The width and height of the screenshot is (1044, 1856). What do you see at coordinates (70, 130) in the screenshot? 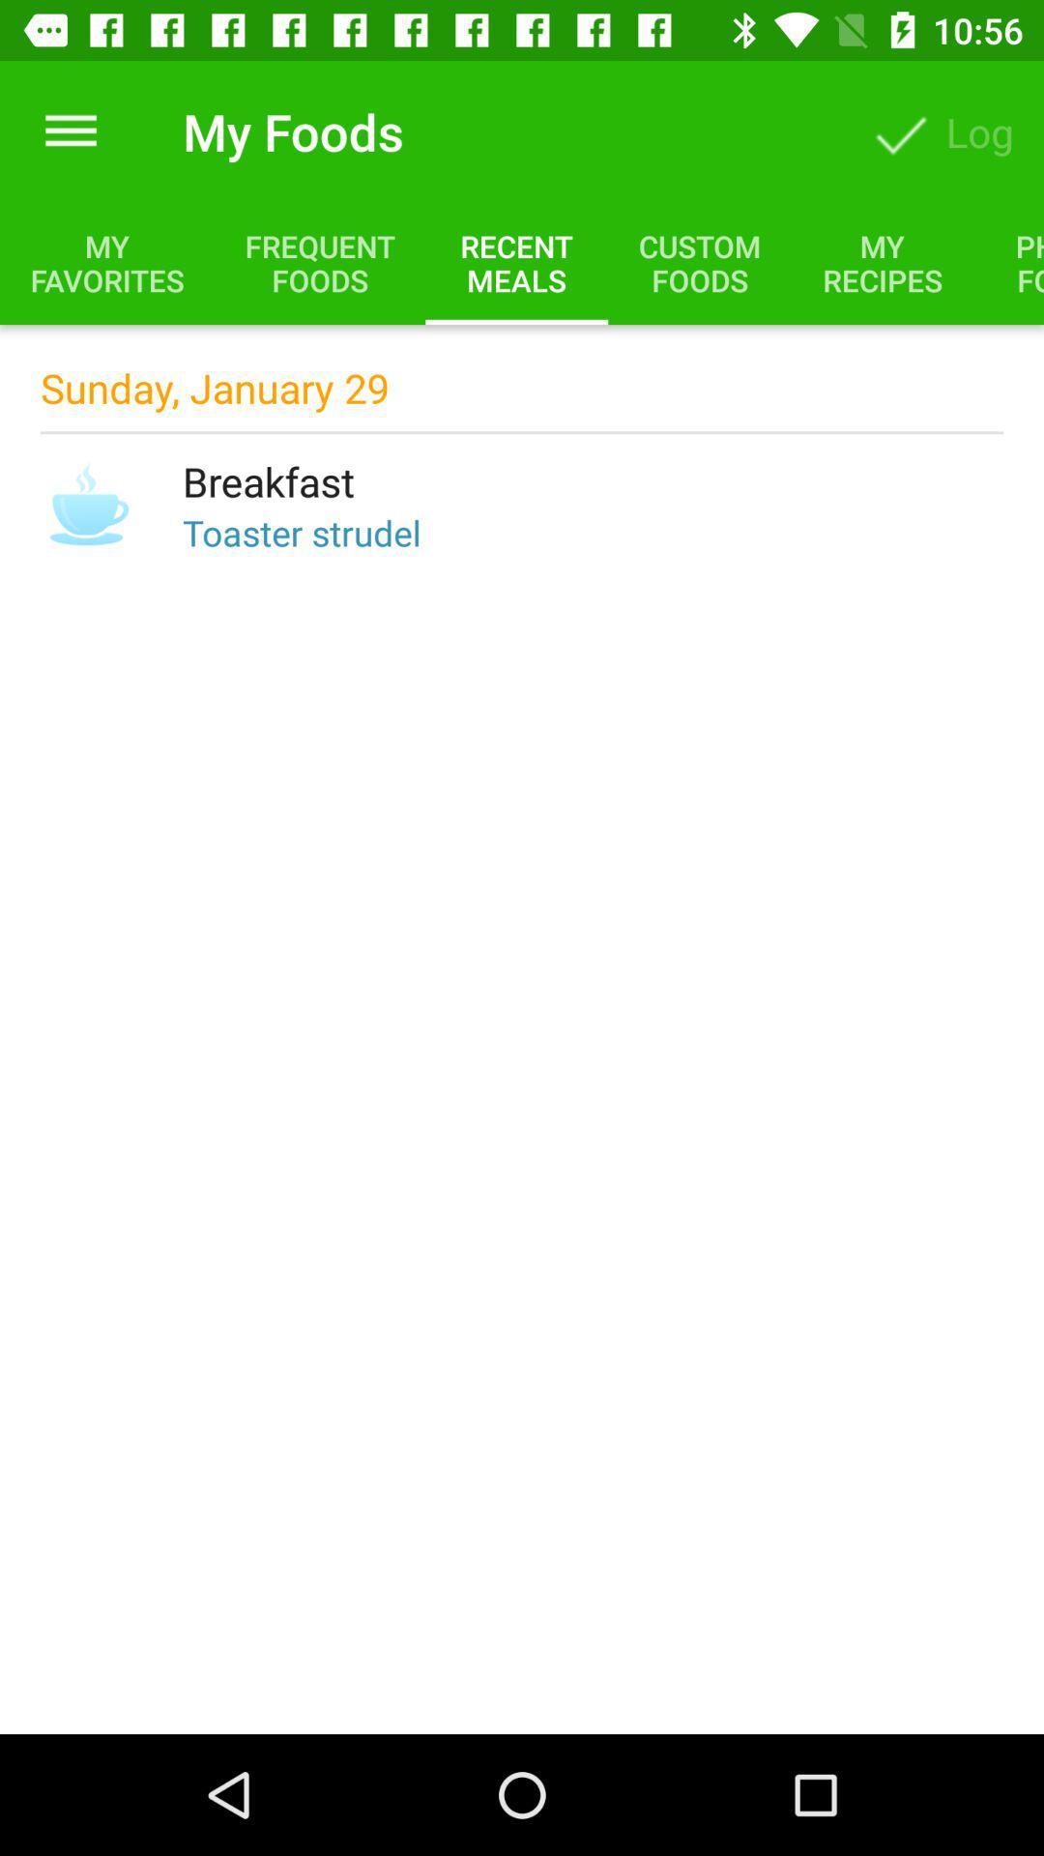
I see `icon above my` at bounding box center [70, 130].